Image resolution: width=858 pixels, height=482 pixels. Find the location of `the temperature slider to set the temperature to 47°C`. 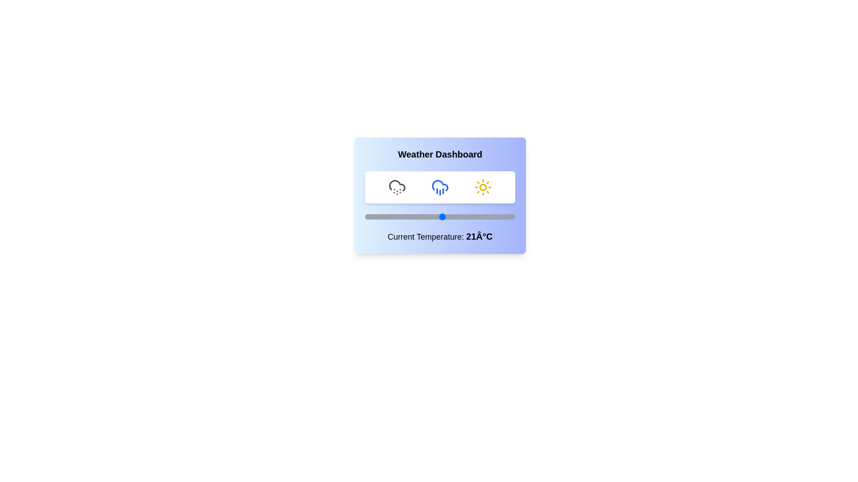

the temperature slider to set the temperature to 47°C is located at coordinates (508, 217).